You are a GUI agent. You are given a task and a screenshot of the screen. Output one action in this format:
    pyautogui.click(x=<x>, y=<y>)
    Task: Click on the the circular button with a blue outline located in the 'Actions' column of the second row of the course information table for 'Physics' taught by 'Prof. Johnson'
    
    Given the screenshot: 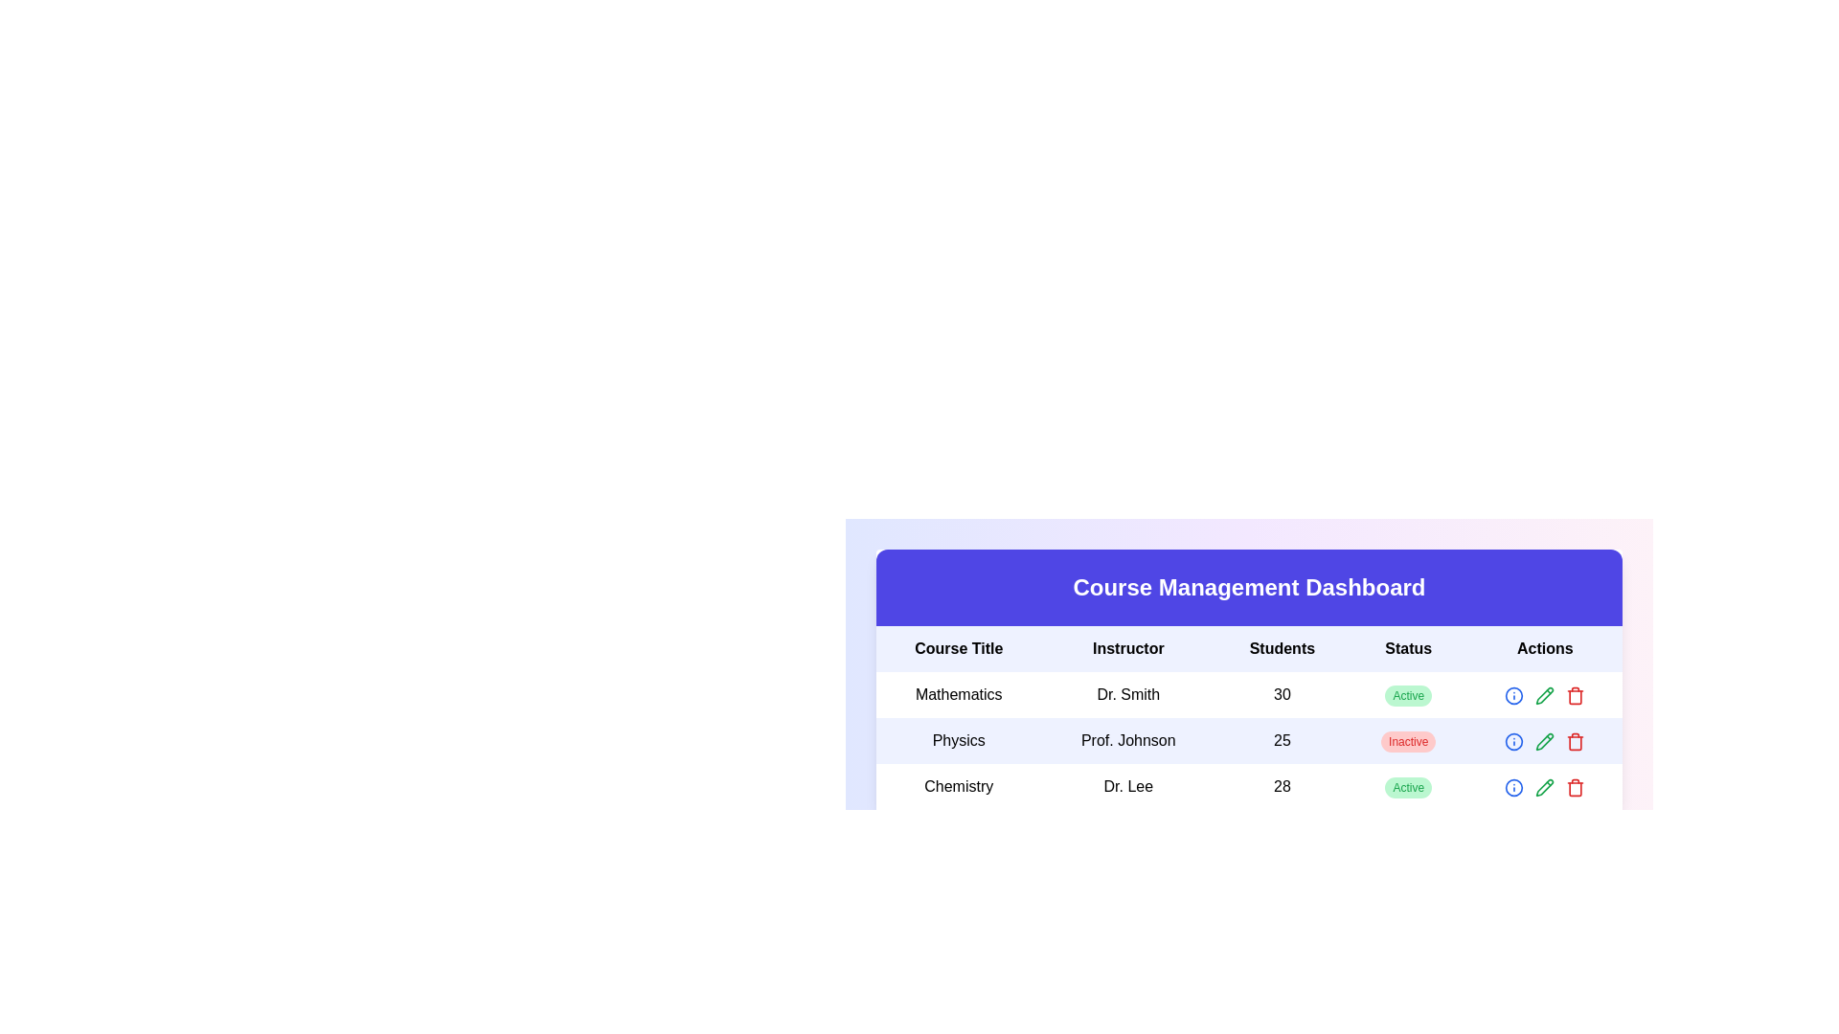 What is the action you would take?
    pyautogui.click(x=1513, y=695)
    